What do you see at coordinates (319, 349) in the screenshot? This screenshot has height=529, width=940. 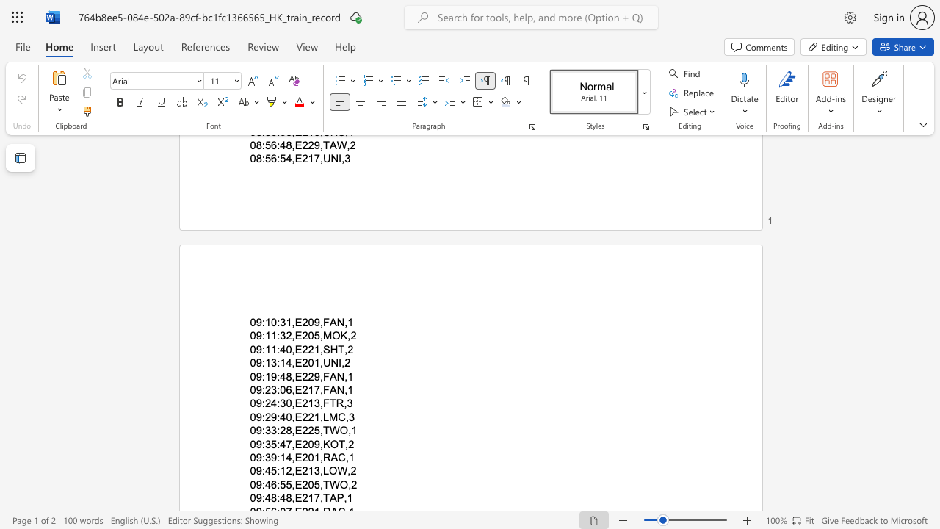 I see `the subset text ",SHT" within the text "09:11:40,E221,SHT,2"` at bounding box center [319, 349].